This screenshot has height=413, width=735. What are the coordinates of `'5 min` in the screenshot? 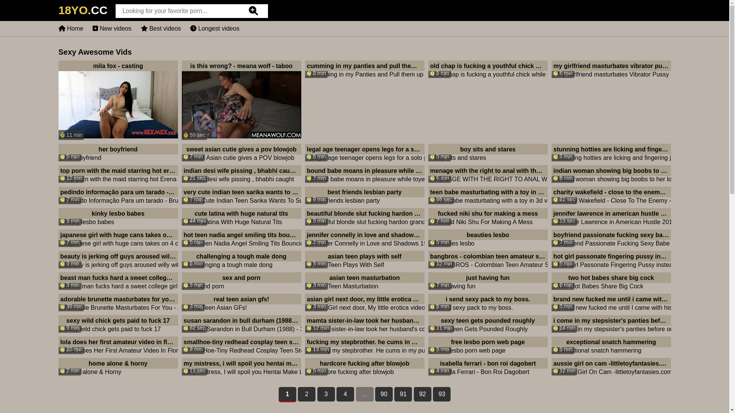 It's located at (364, 152).